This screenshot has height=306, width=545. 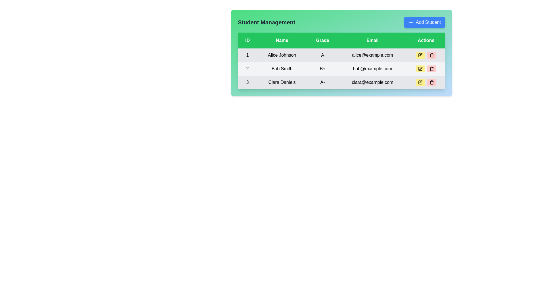 What do you see at coordinates (282, 55) in the screenshot?
I see `the text label displaying 'Alice Johnson'` at bounding box center [282, 55].